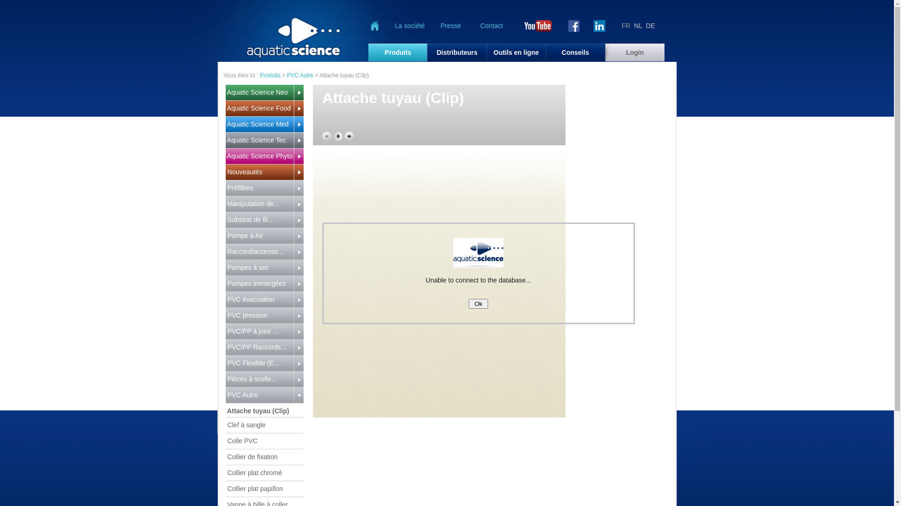 The width and height of the screenshot is (901, 506). I want to click on ' ', so click(293, 141).